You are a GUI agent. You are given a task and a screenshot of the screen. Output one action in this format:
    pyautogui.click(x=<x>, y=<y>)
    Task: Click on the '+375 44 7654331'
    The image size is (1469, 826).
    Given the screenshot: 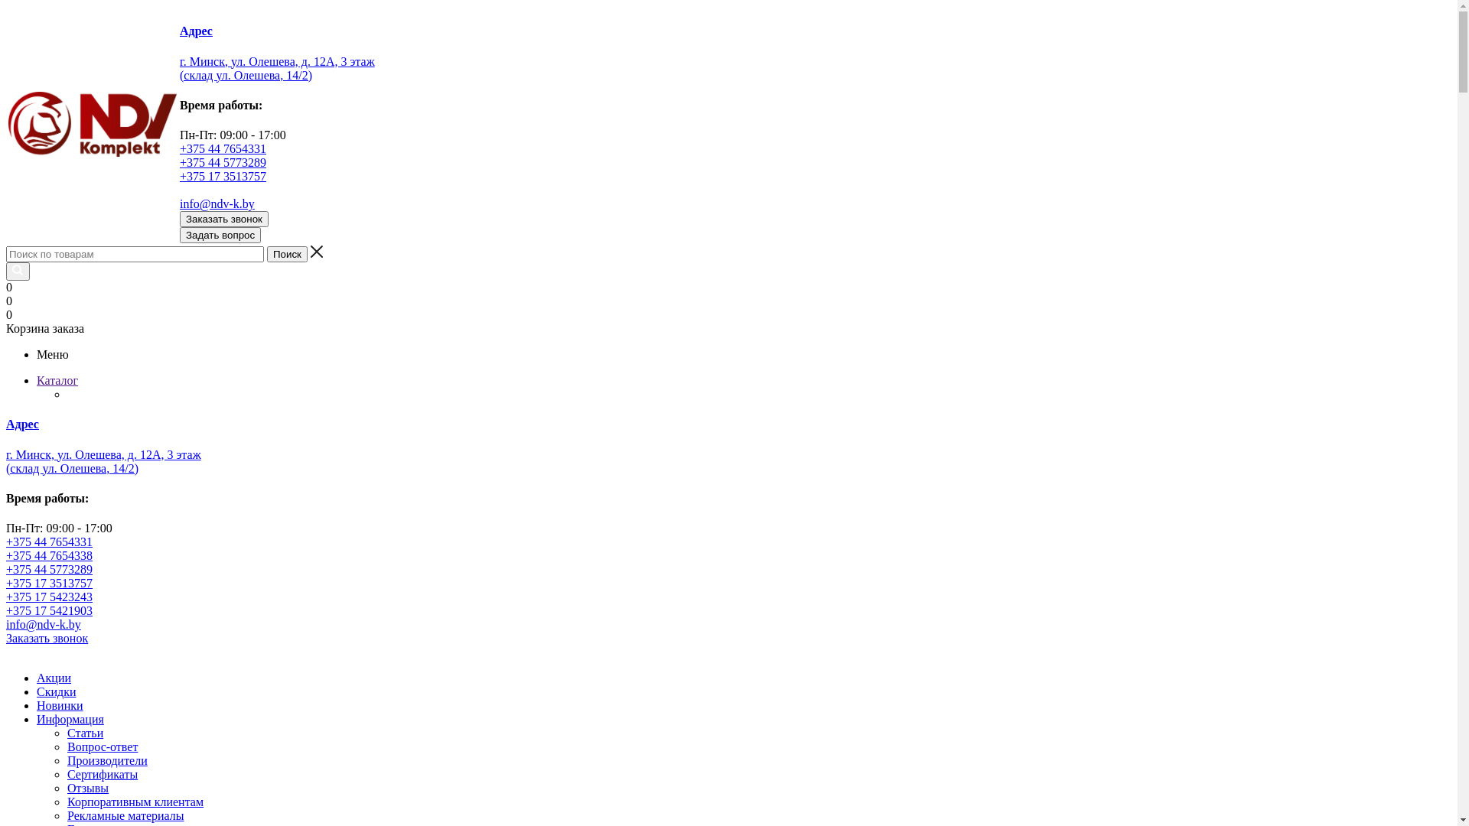 What is the action you would take?
    pyautogui.click(x=222, y=148)
    